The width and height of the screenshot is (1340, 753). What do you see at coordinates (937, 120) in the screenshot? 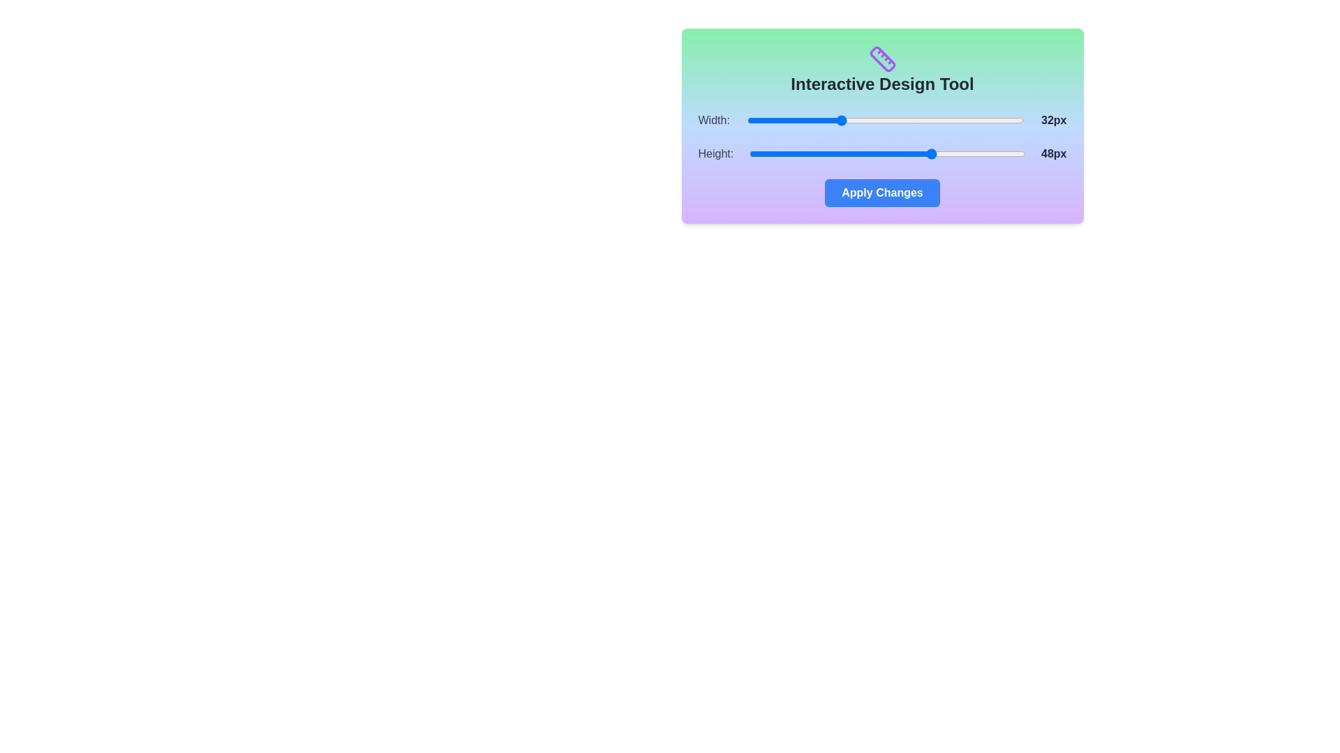
I see `the 'Width' slider to set its value to 49 within the range of 16 to 64` at bounding box center [937, 120].